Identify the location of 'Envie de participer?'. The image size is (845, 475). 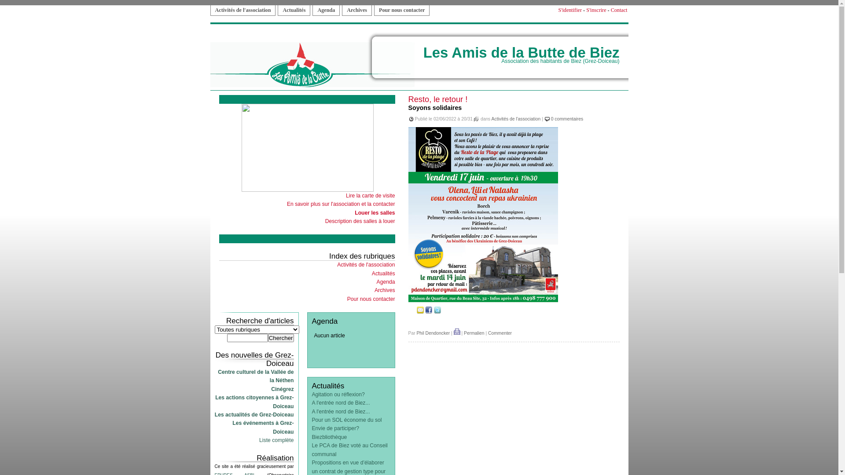
(334, 428).